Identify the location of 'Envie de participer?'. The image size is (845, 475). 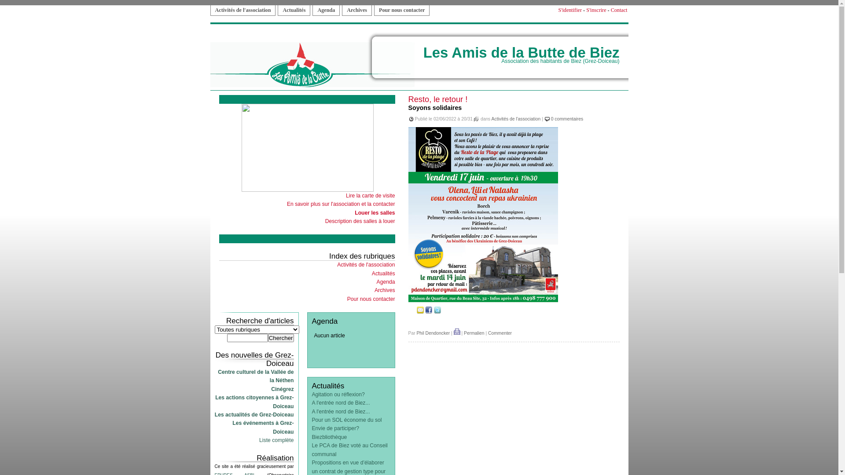
(334, 428).